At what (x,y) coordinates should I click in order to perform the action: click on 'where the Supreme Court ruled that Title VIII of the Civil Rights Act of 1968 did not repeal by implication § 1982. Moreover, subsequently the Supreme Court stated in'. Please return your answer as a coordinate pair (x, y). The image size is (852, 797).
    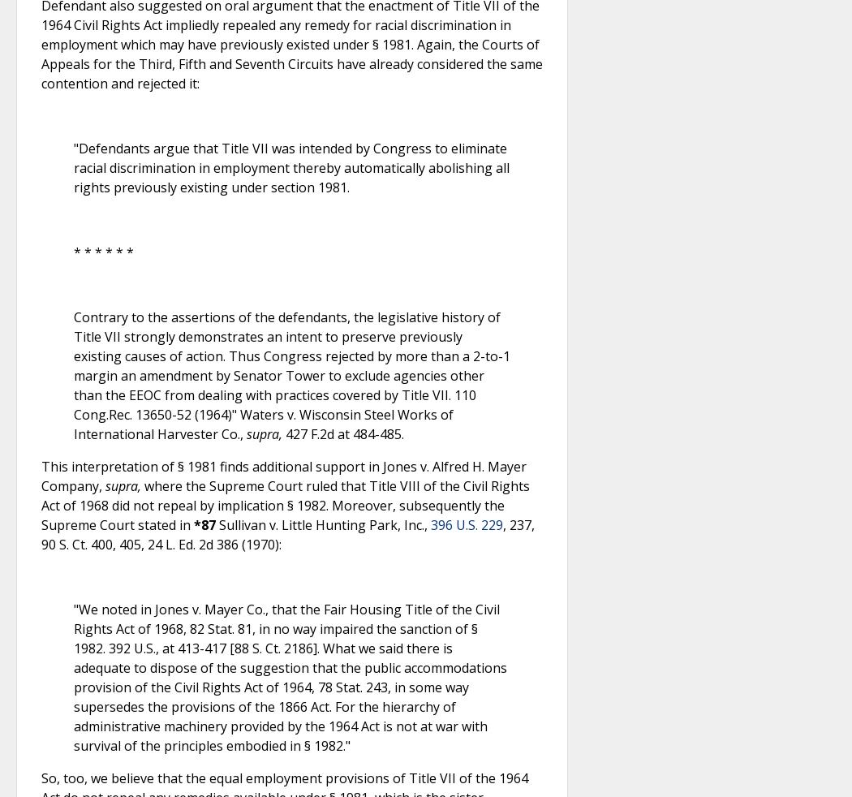
    Looking at the image, I should click on (284, 504).